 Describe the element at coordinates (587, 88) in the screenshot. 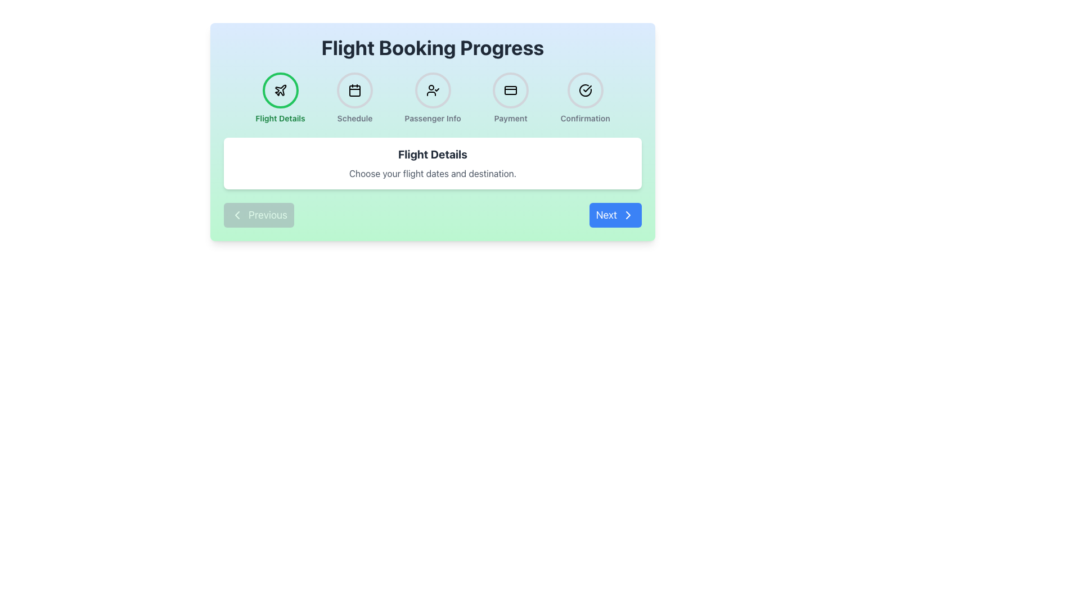

I see `checkmark SVG graphical element located in the 'Confirmation' section of the progress tracker at the top-right of the interface` at that location.